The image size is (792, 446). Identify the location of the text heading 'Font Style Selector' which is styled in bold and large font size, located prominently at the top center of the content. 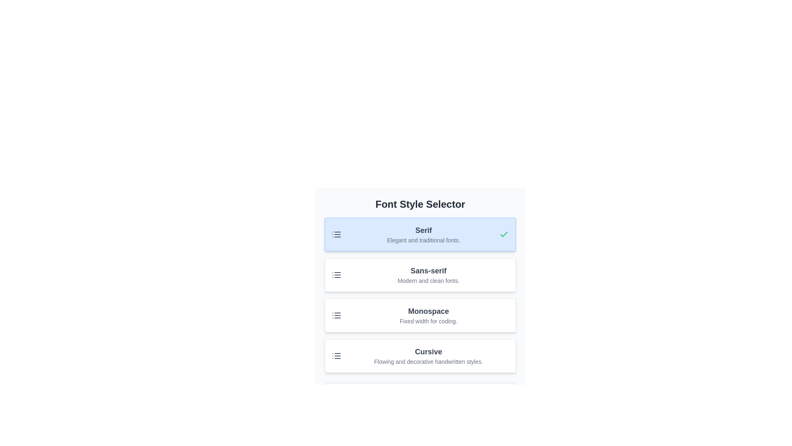
(420, 204).